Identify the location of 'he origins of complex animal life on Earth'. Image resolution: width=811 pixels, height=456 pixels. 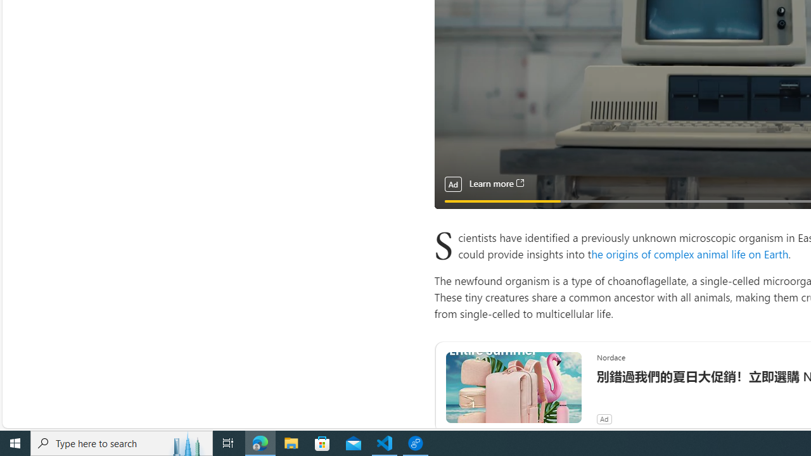
(689, 253).